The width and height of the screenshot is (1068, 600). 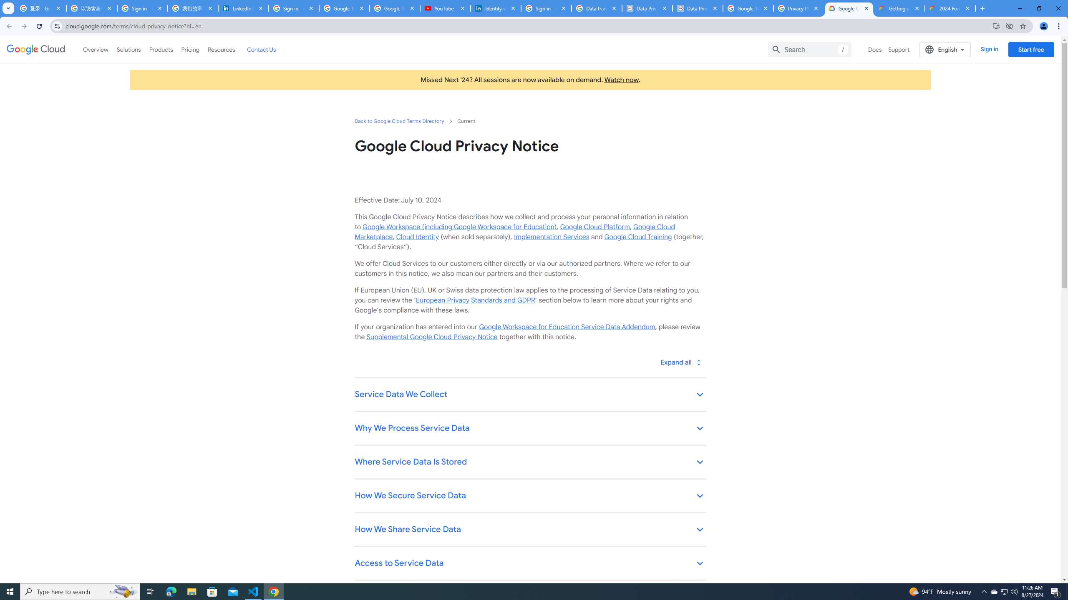 I want to click on 'Install Google Cloud', so click(x=996, y=25).